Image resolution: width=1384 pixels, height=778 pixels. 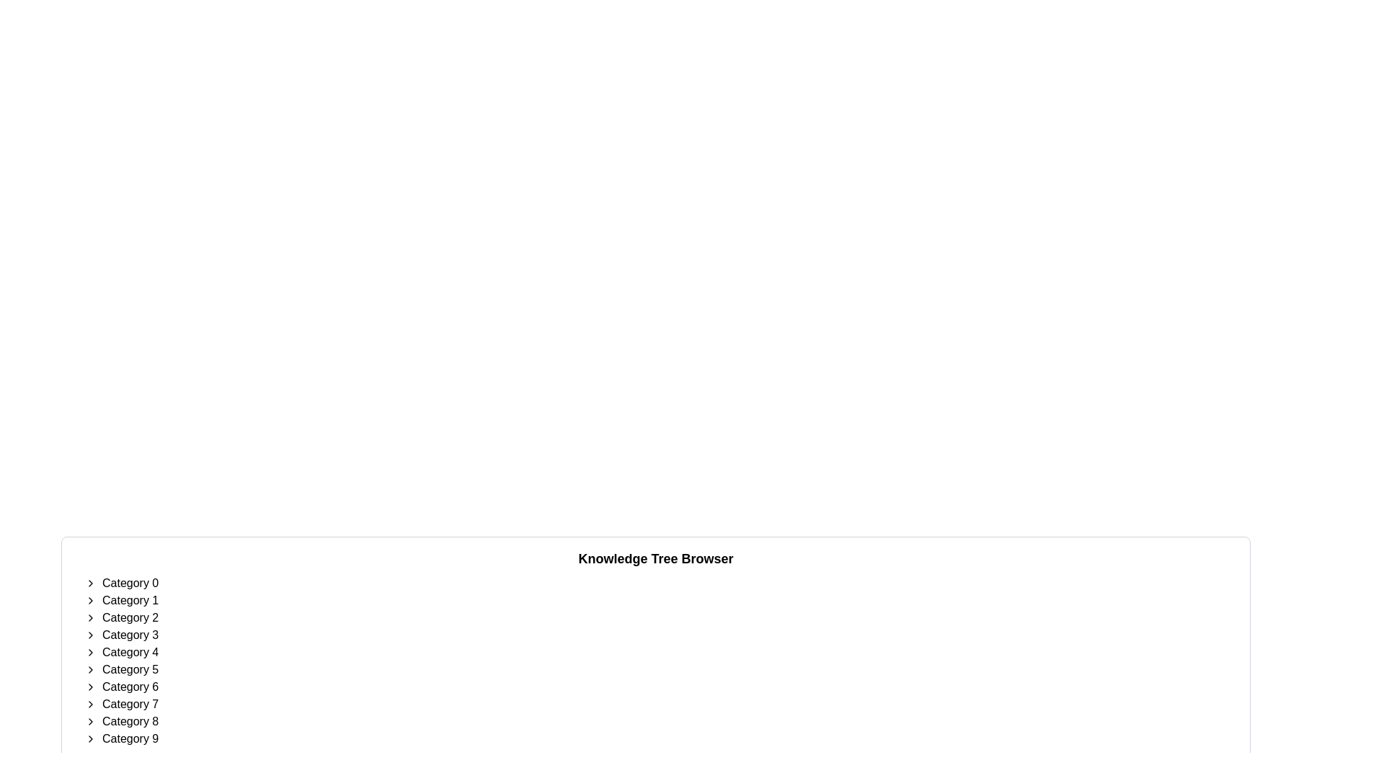 What do you see at coordinates (89, 600) in the screenshot?
I see `the rightward-pointing chevron icon next to the text 'Category 1' in the vertical list of categories` at bounding box center [89, 600].